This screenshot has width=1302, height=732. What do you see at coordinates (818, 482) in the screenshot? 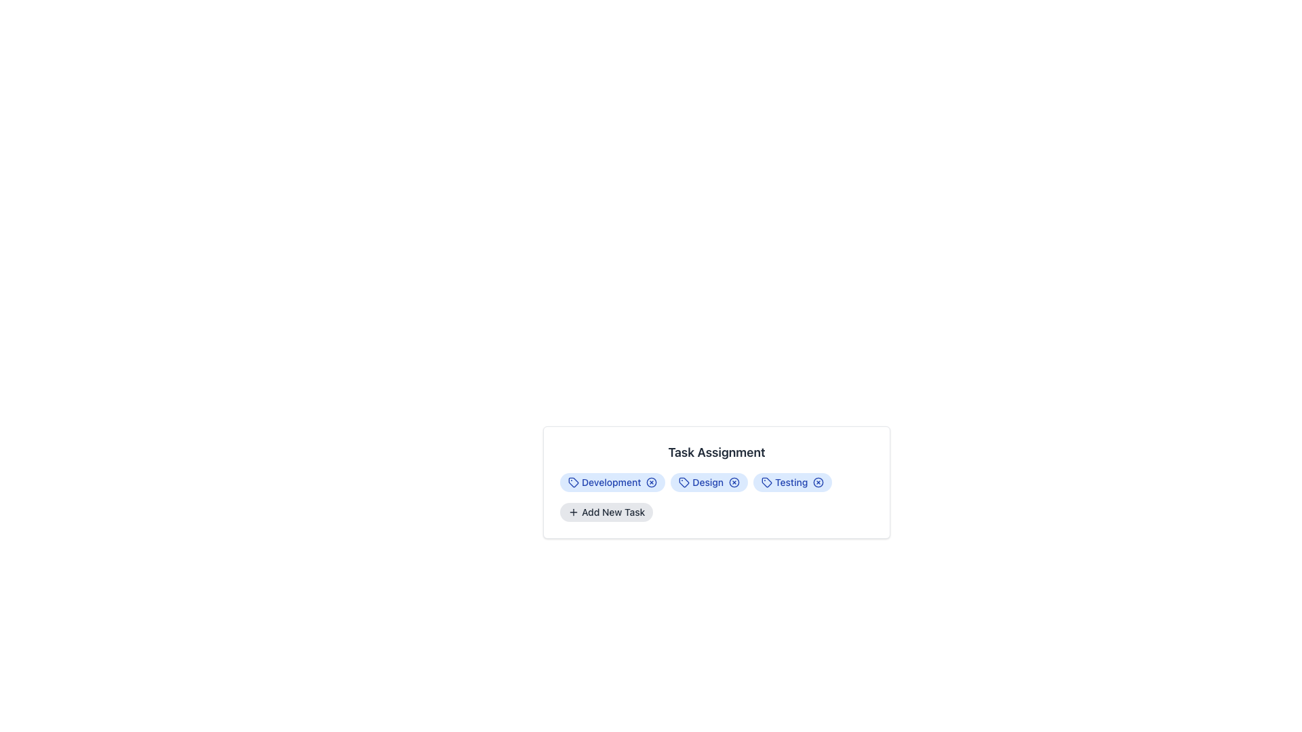
I see `the delete button located in the top-right corner of the 'Testing' tag` at bounding box center [818, 482].